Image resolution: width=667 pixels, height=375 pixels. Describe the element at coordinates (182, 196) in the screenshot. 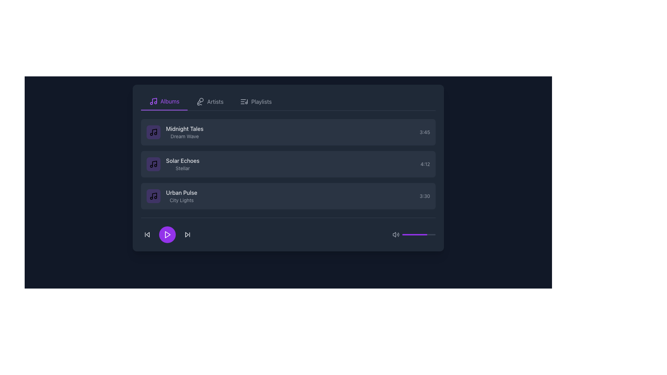

I see `the 'Urban Pulse' text label which is the third item` at that location.